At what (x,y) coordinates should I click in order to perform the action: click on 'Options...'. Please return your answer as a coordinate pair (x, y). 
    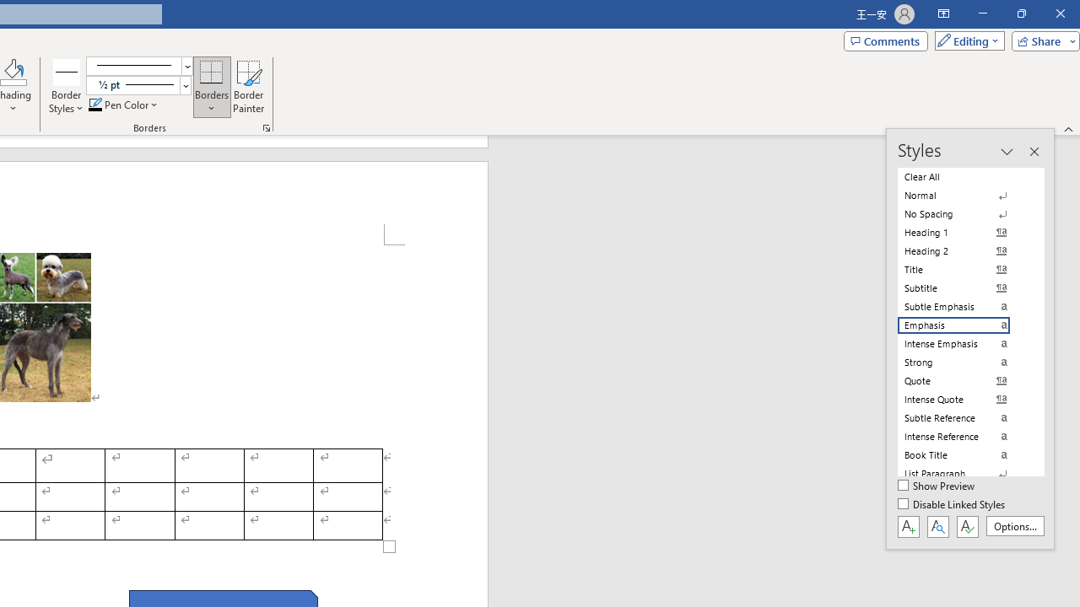
    Looking at the image, I should click on (1014, 524).